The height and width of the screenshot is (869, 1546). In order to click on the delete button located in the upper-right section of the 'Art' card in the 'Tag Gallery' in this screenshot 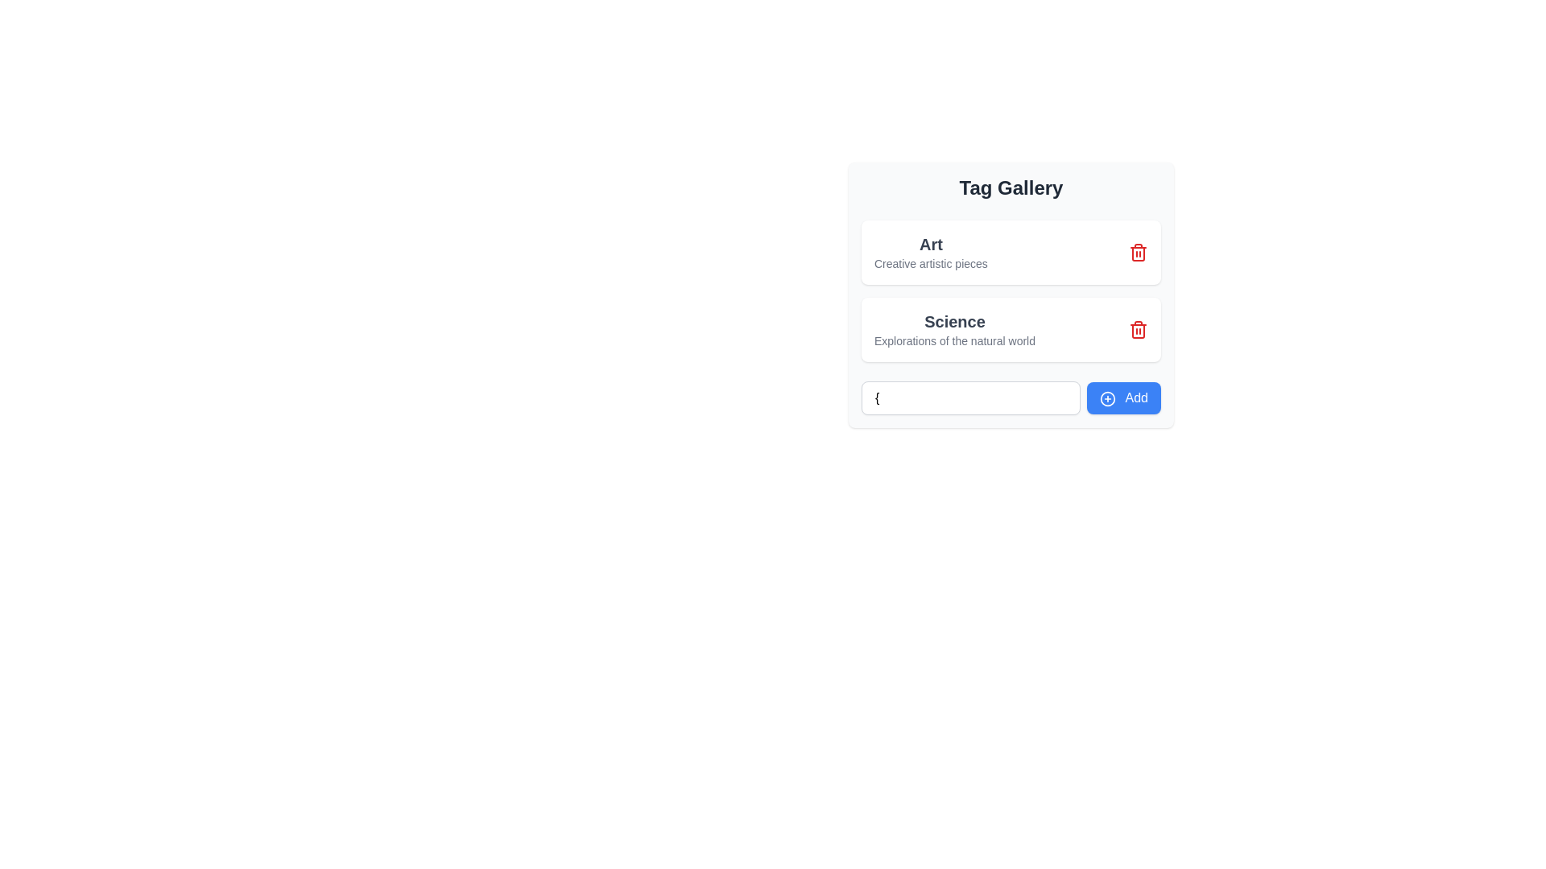, I will do `click(1138, 252)`.